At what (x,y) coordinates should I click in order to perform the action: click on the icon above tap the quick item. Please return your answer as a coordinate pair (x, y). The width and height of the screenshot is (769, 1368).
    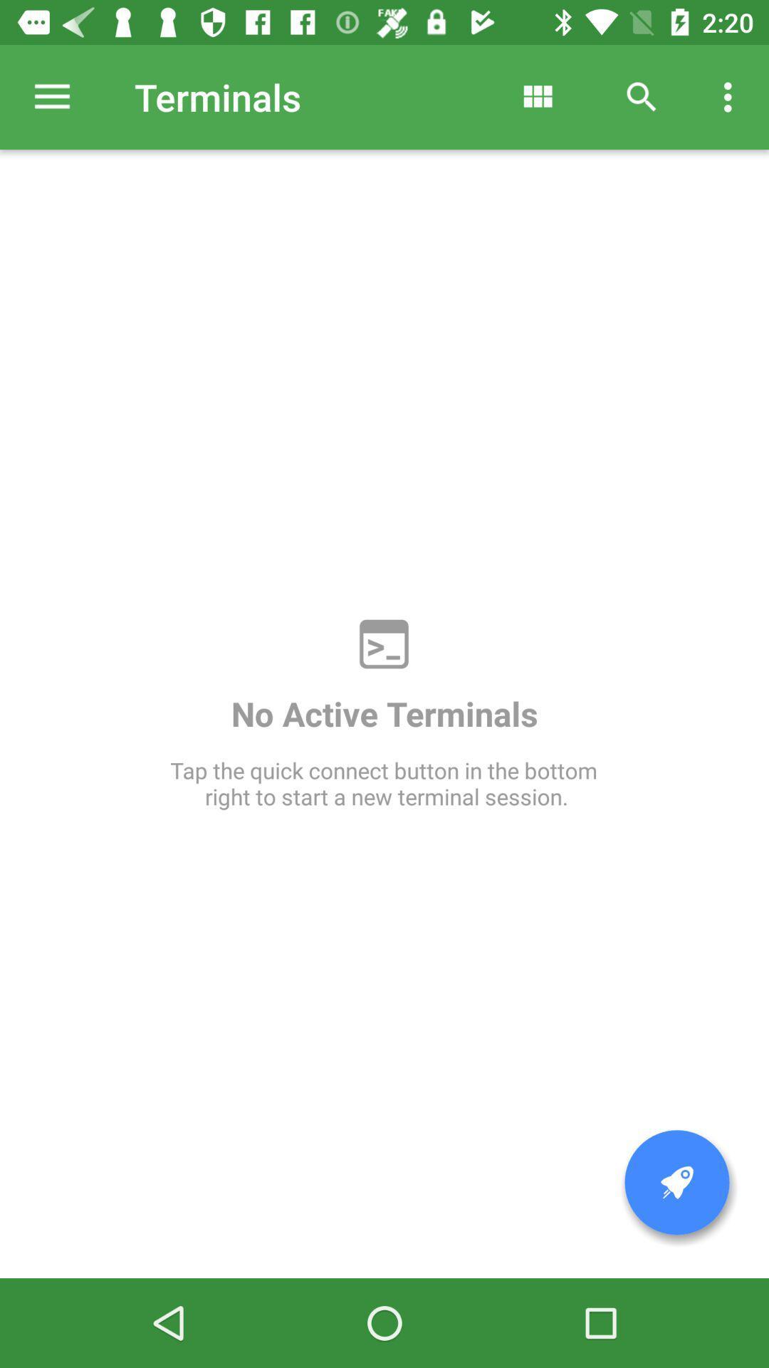
    Looking at the image, I should click on (642, 96).